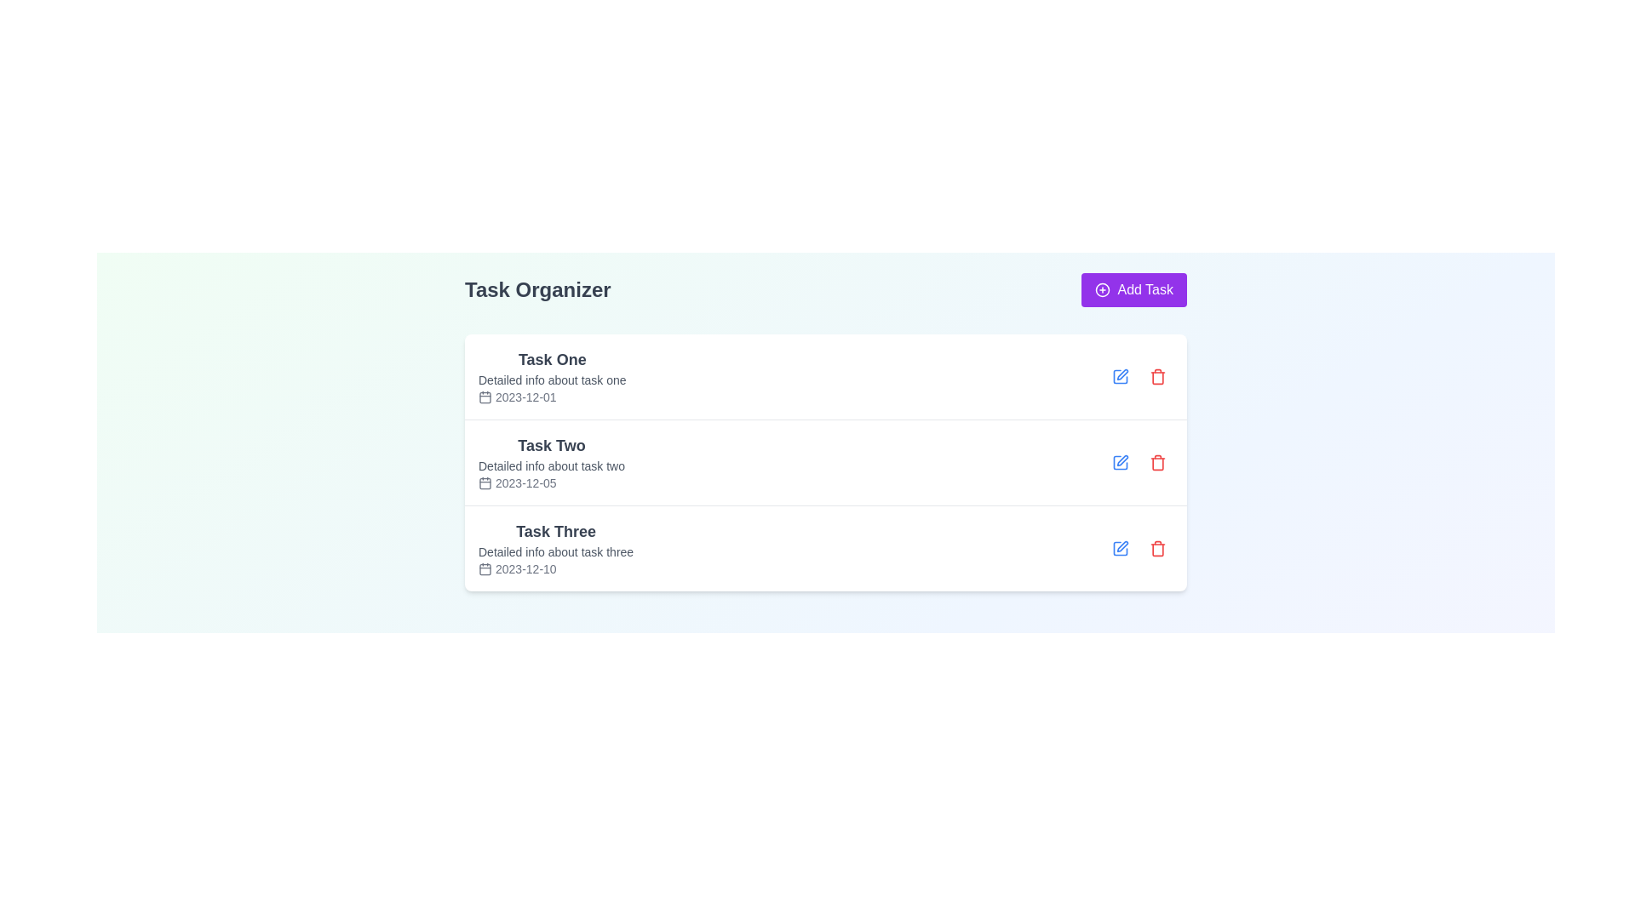 The width and height of the screenshot is (1635, 919). I want to click on the Date label displaying '2023-12-01' which is preceded by a minimalist gray calendar icon, located at the bottom of the first task card titled 'Task One', so click(552, 397).